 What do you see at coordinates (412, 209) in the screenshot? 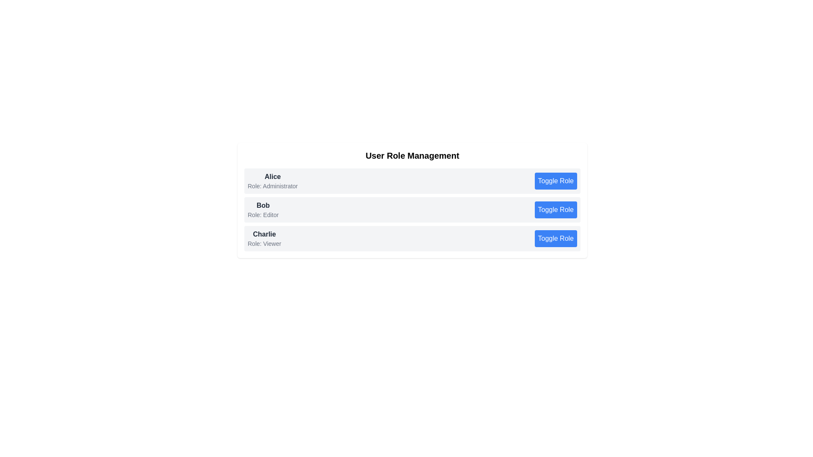
I see `the user role management entry for 'Bob' with the role 'Editor' to trigger additional styling effects` at bounding box center [412, 209].